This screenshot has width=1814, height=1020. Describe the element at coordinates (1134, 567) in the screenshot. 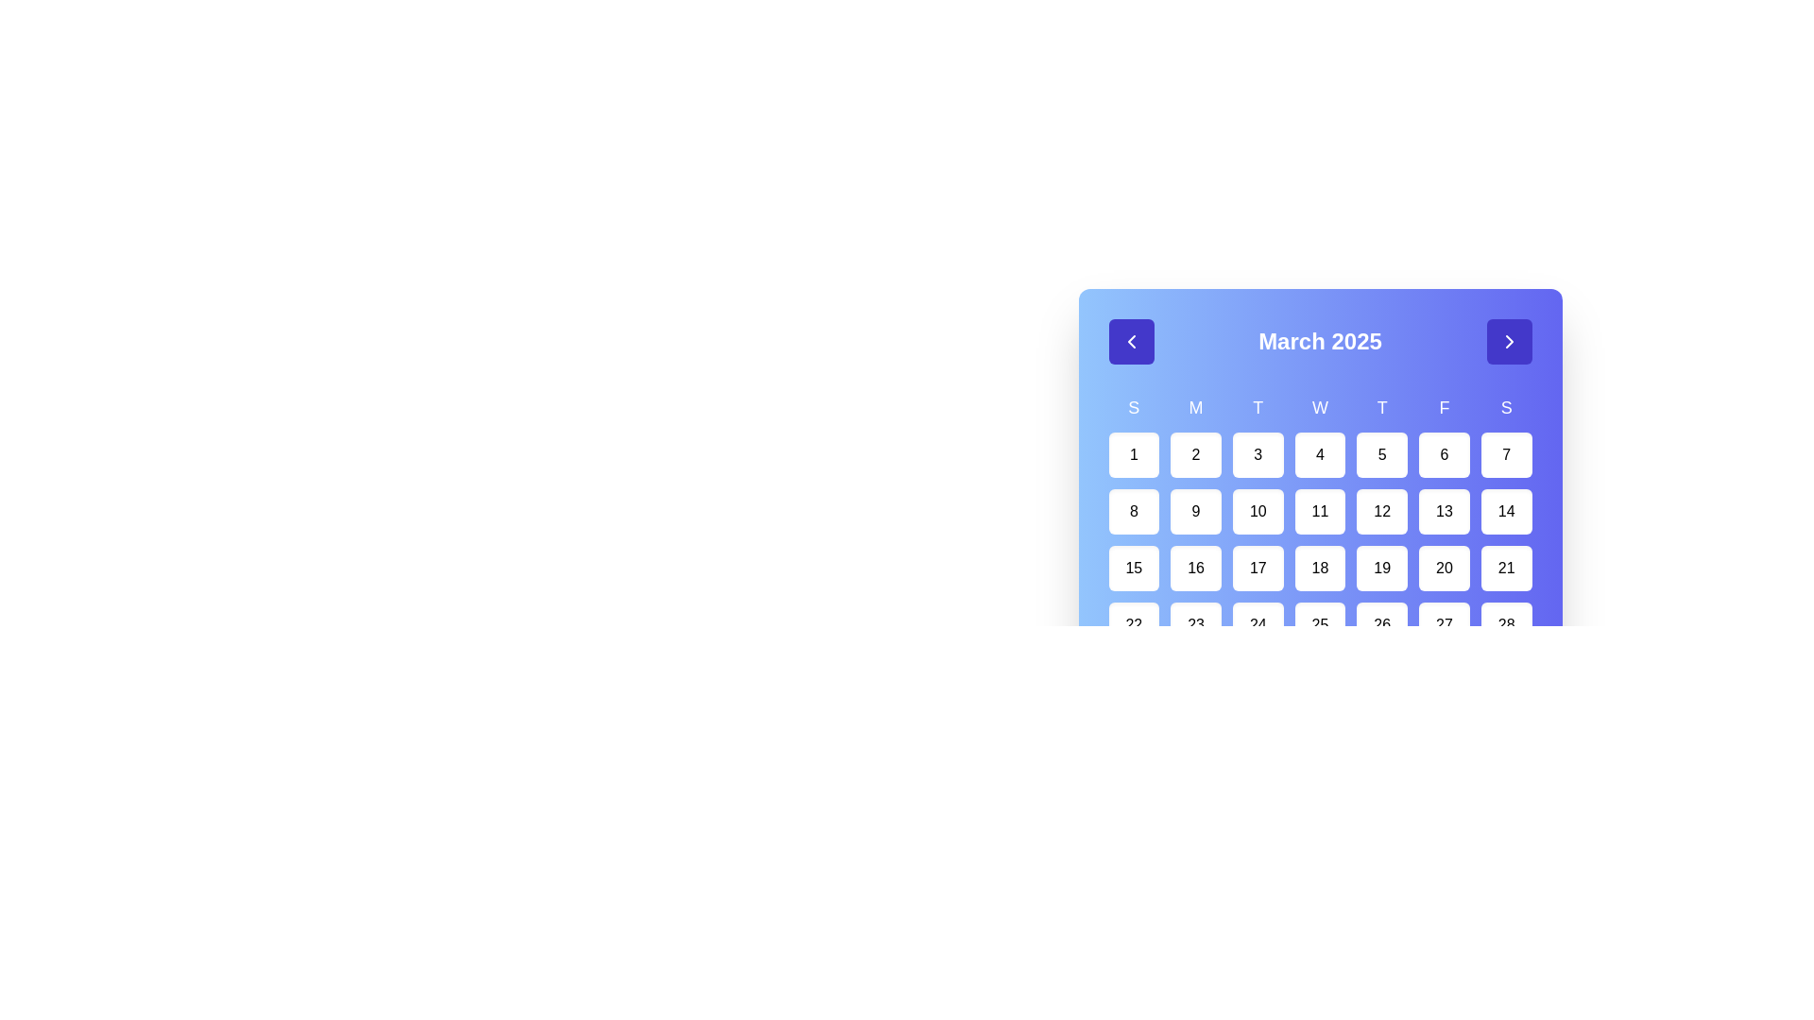

I see `the square calendar cell displaying the number '15'` at that location.